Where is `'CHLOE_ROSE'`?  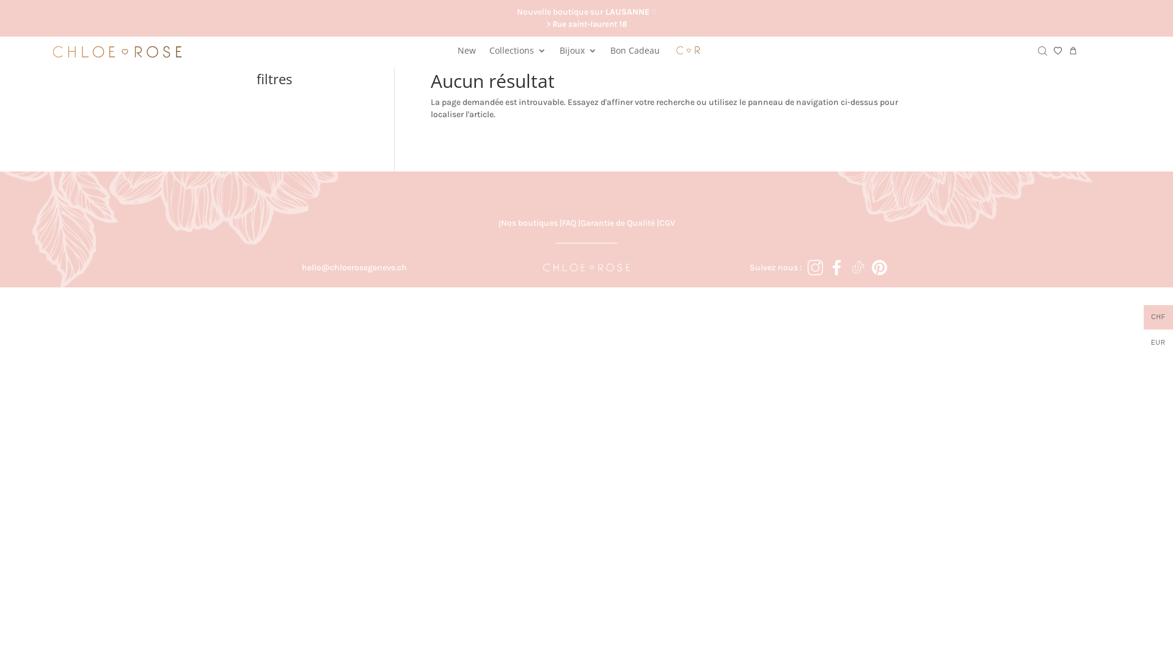 'CHLOE_ROSE' is located at coordinates (586, 267).